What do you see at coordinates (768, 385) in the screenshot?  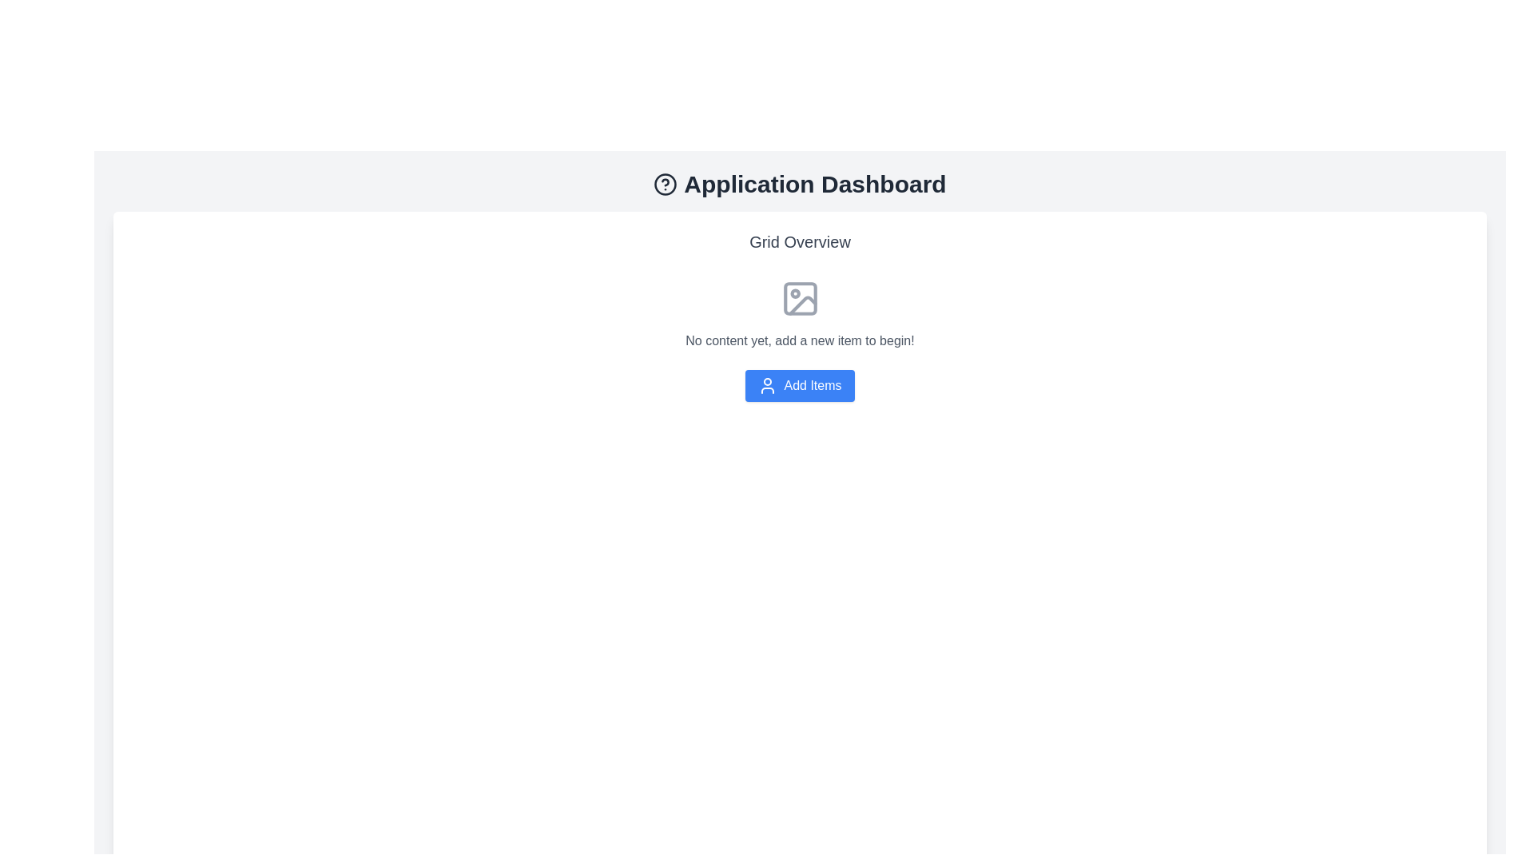 I see `the user profile icon located on the left side of the 'Add Items' button, which is centered horizontally near the bottom of the main interface` at bounding box center [768, 385].